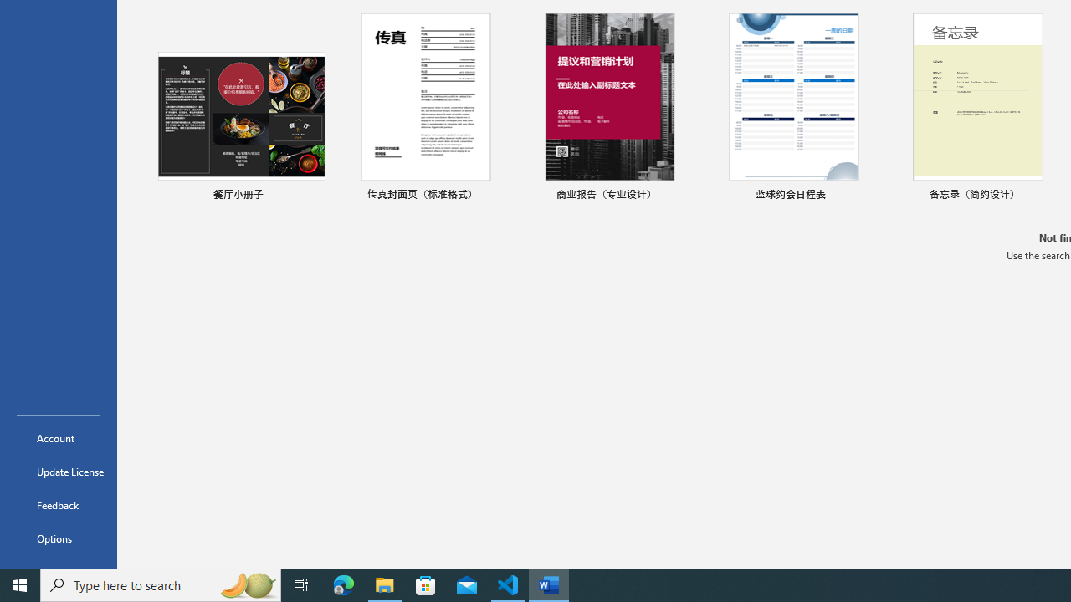 The height and width of the screenshot is (602, 1071). I want to click on 'Pin to list', so click(1049, 196).